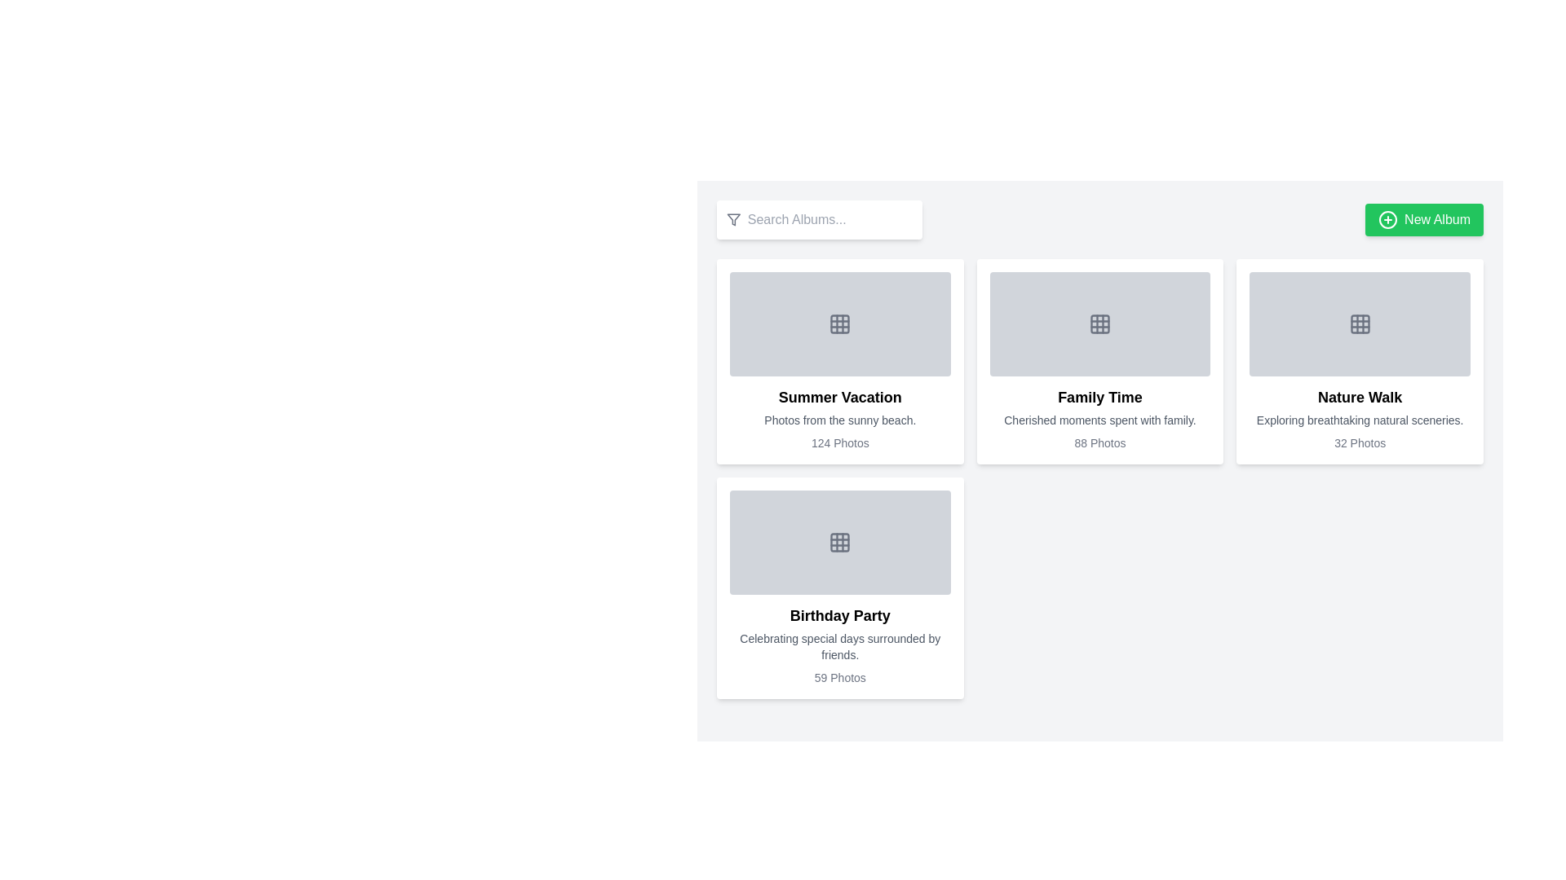  I want to click on the grid icon located in the top gray region of the 'Nature Walk' card to interact with it, so click(1360, 323).